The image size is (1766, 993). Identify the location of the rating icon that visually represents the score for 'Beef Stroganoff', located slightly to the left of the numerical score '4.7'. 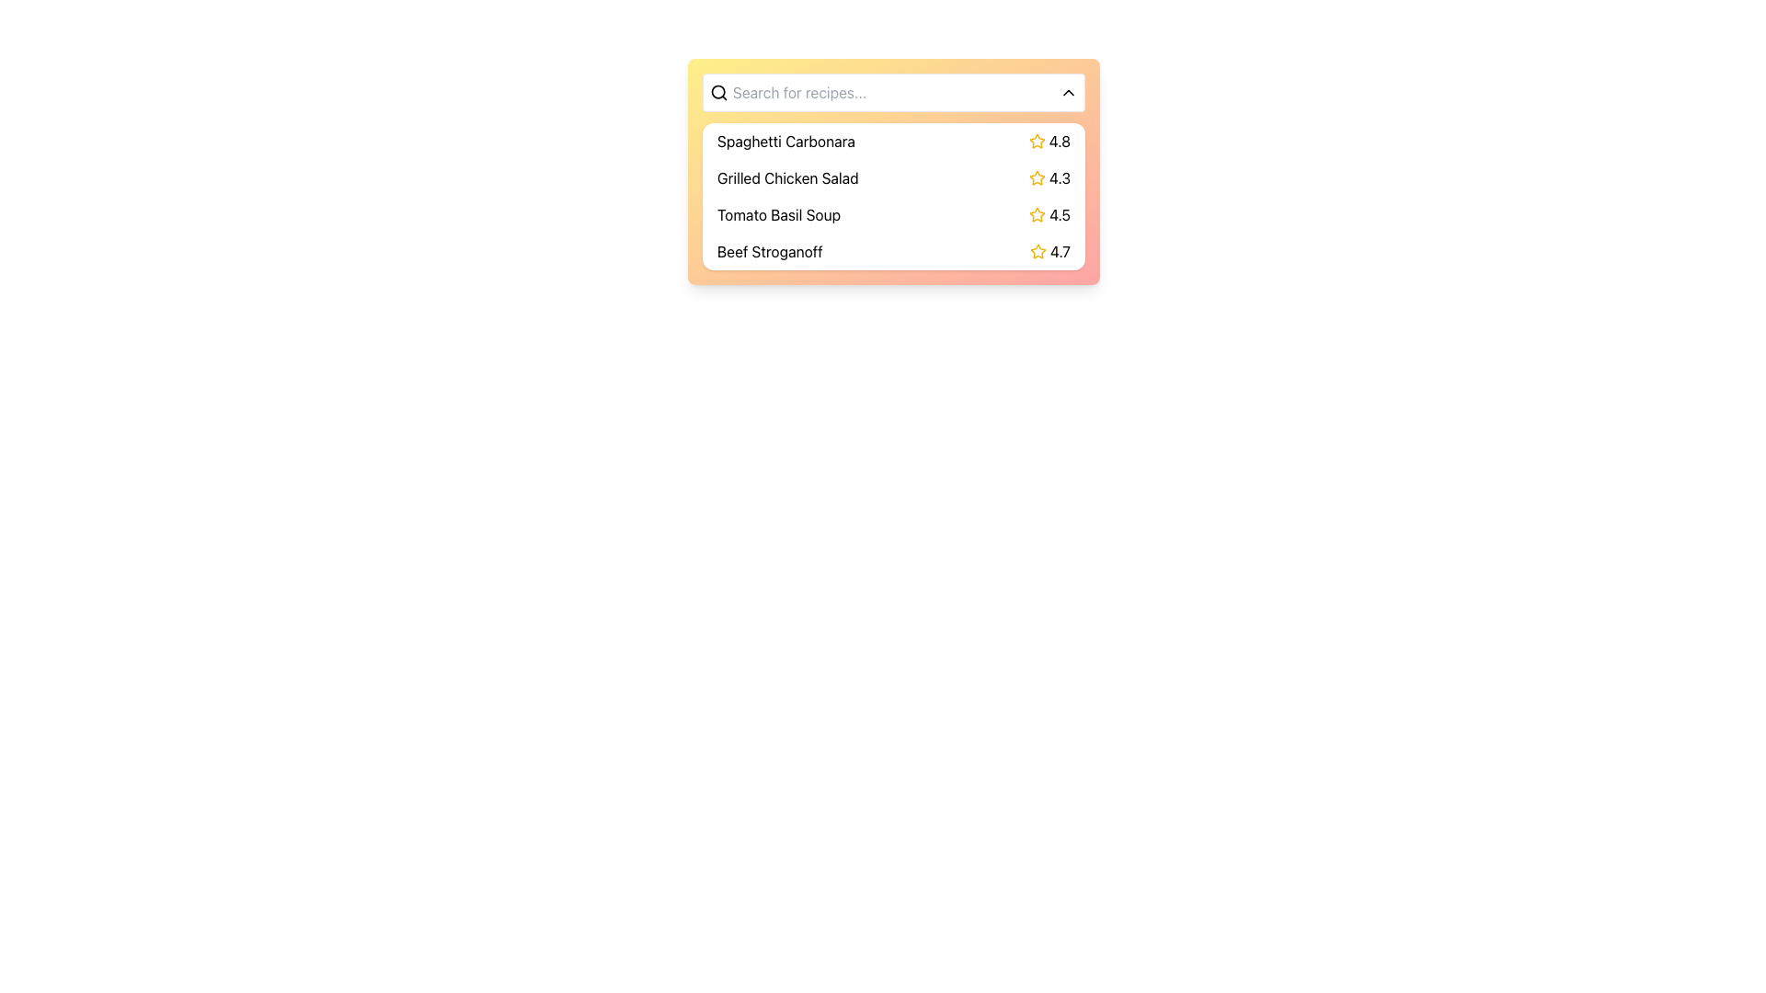
(1038, 251).